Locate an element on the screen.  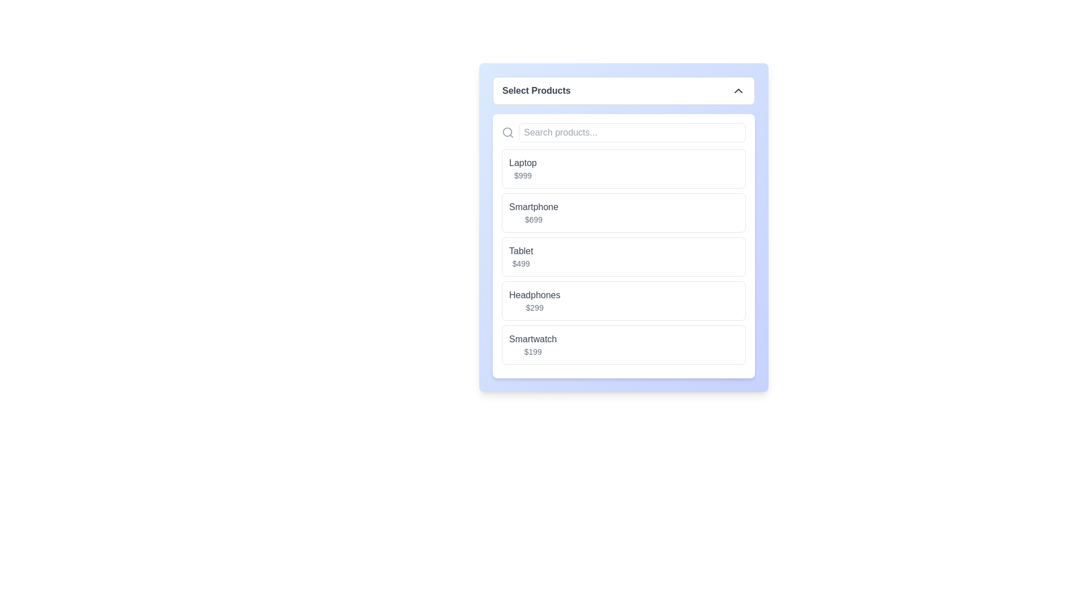
the price text displaying '$299' located beneath the 'Headphones' text is located at coordinates (534, 307).